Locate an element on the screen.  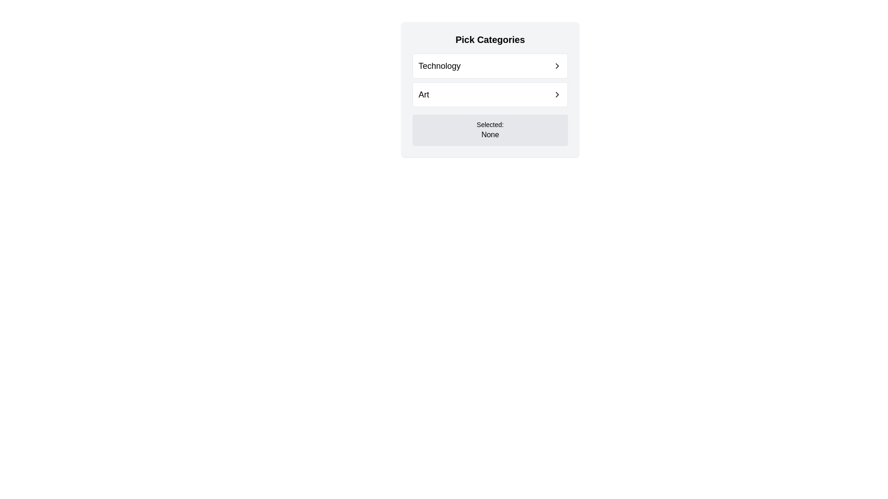
the right-pointing chevron icon located inside the 'Art' row in the 'Pick Categories' section is located at coordinates (556, 94).